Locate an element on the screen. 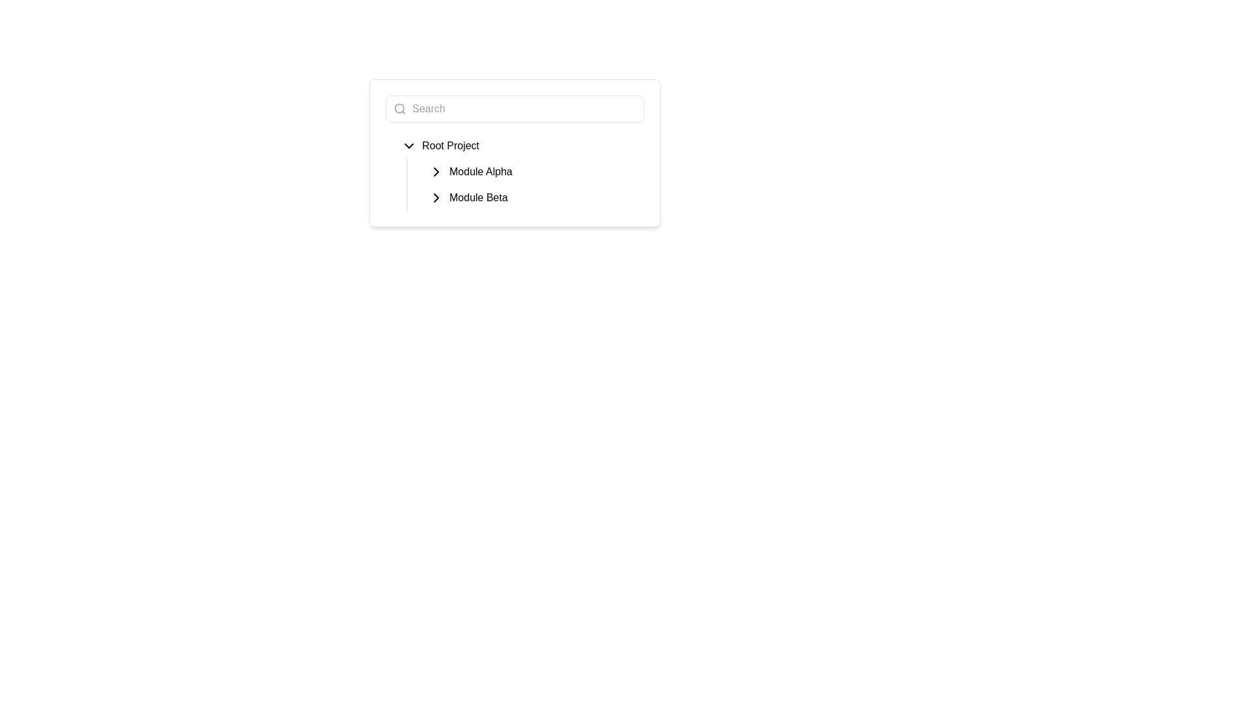  the Chevron icon located at the start of the 'Module Alpha' row is located at coordinates (436, 171).